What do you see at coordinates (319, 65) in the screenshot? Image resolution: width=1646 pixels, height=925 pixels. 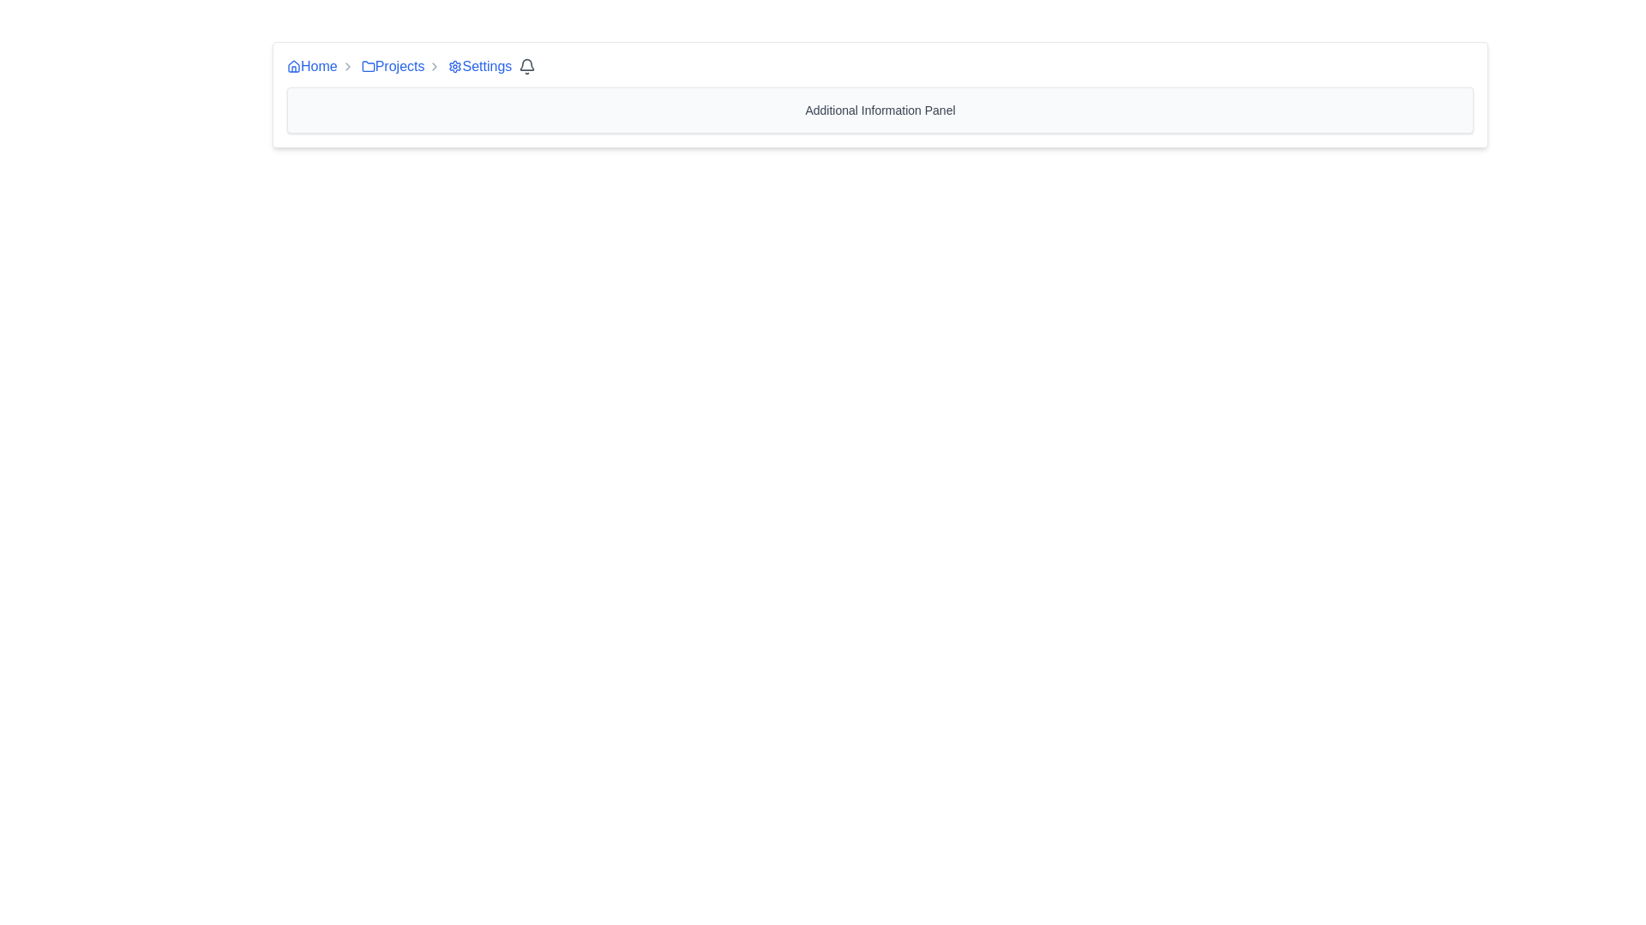 I see `the text label with hyperlink functionality that navigates to the homepage` at bounding box center [319, 65].